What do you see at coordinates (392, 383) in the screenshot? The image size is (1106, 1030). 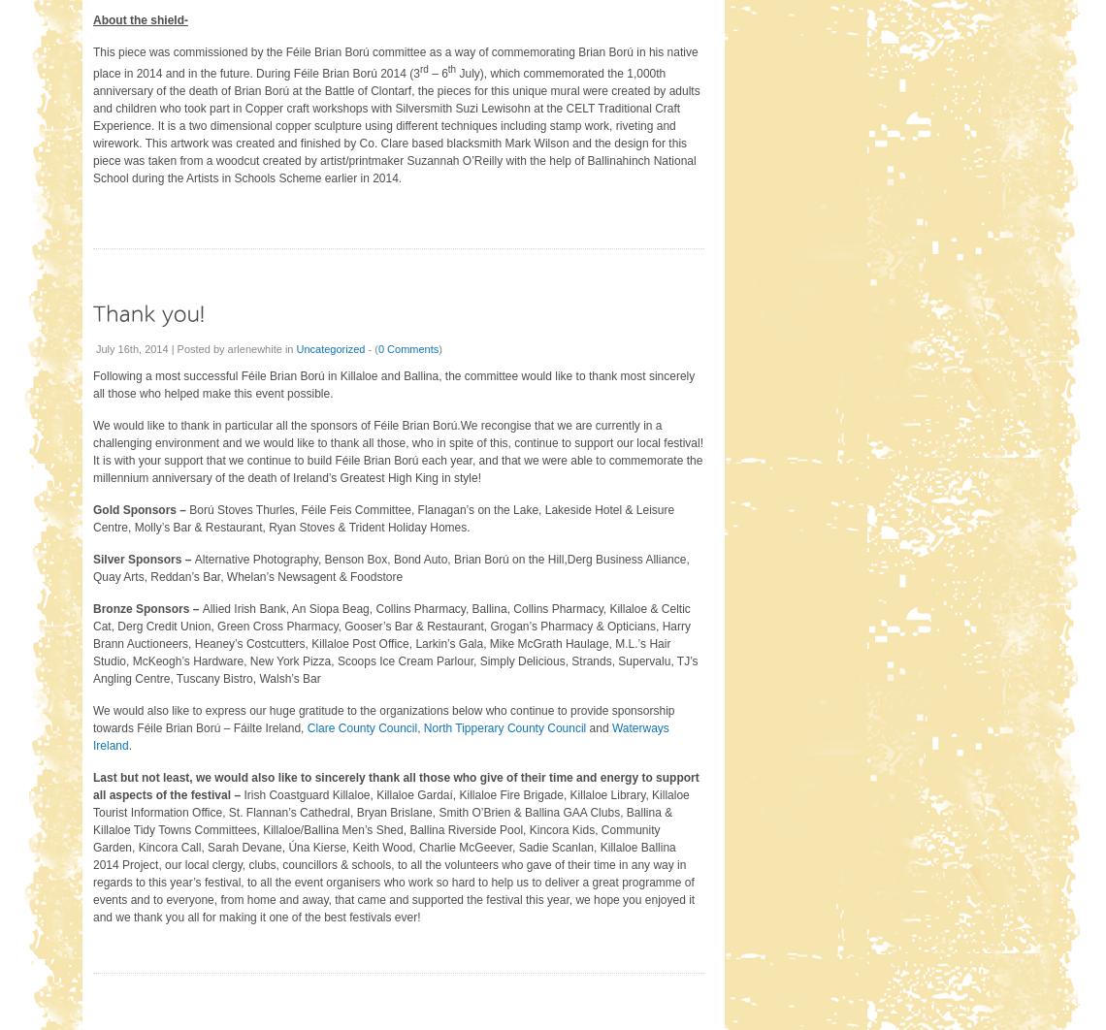 I see `'Following a most successful Féile Brian Ború in Killaloe and Ballina, the committee would like to thank most sincerely all those who helped make this event possible.'` at bounding box center [392, 383].